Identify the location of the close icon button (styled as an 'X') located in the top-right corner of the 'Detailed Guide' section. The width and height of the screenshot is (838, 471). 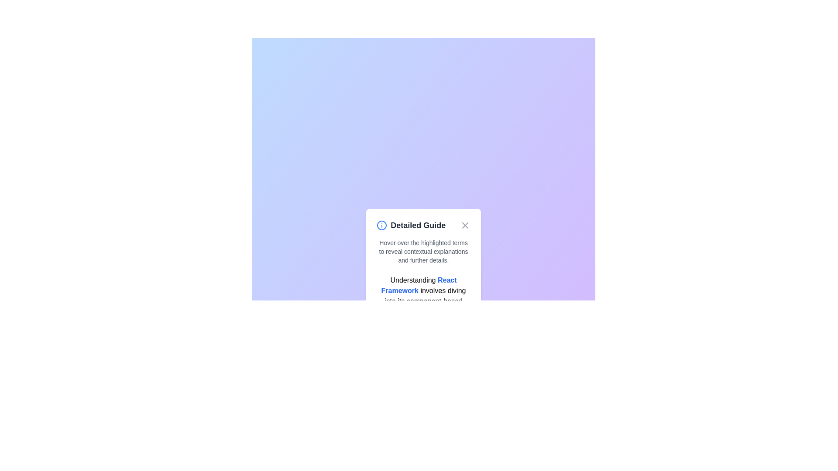
(464, 225).